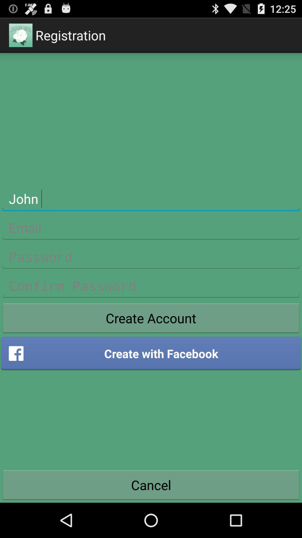 This screenshot has height=538, width=302. I want to click on confirm password in registration form, so click(151, 286).